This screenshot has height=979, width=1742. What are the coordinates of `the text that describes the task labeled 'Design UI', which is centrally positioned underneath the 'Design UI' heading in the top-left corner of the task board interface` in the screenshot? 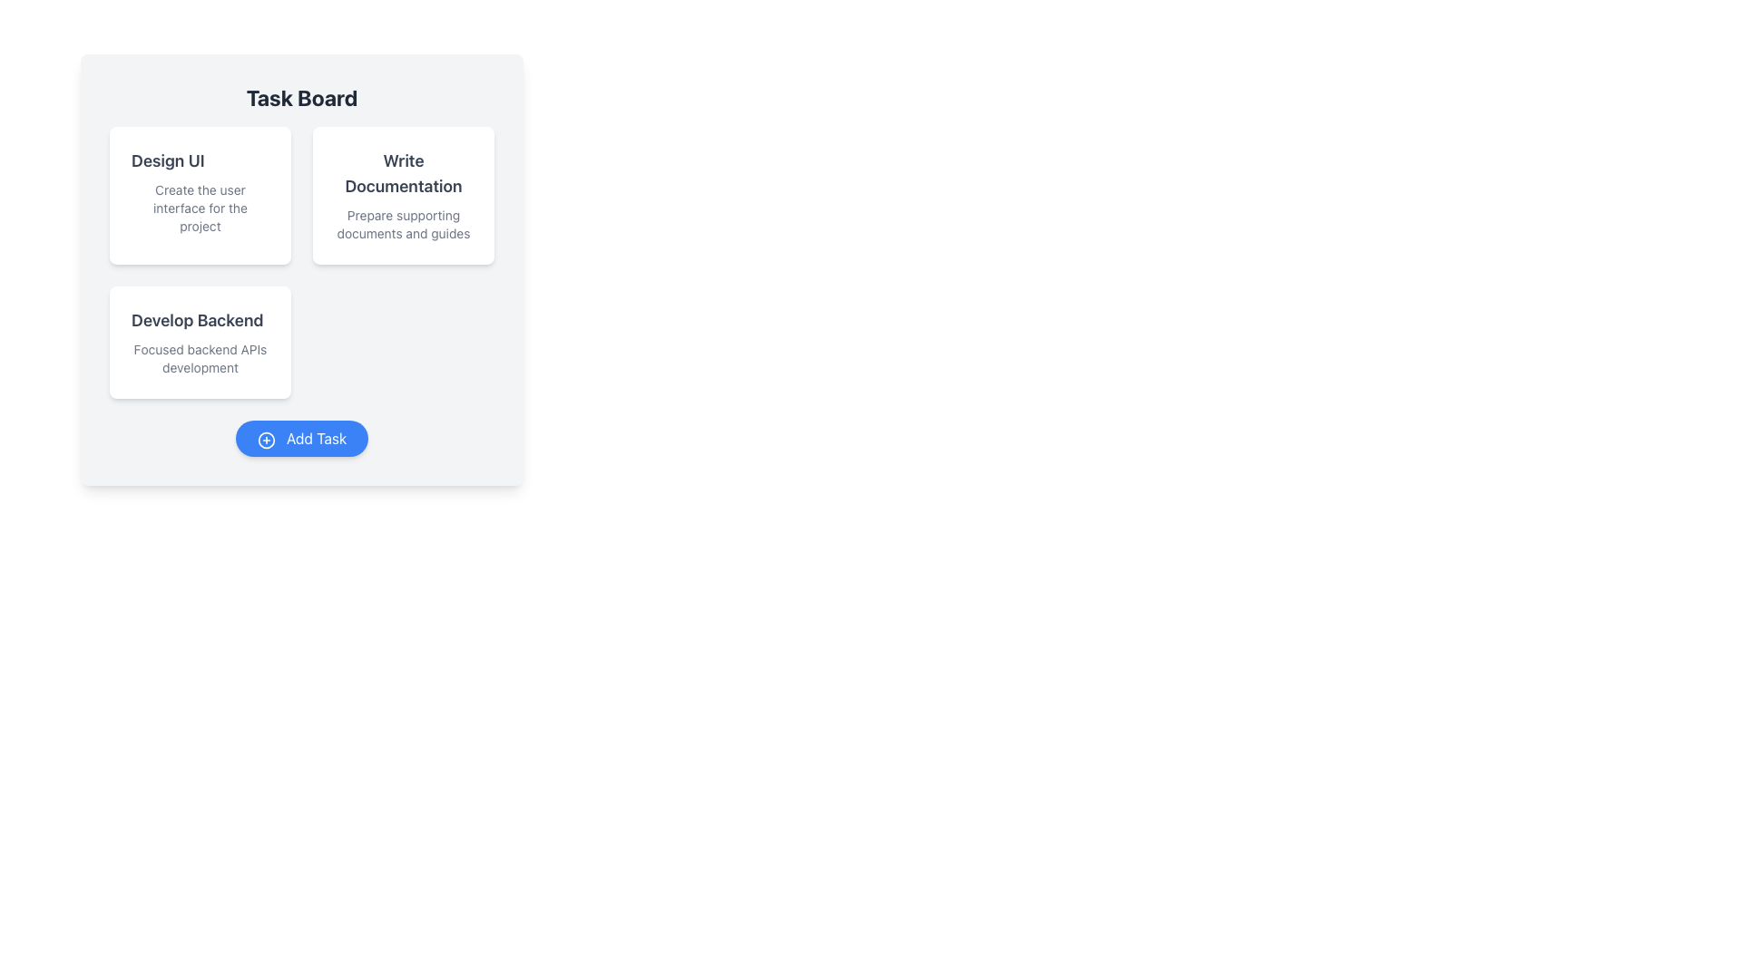 It's located at (200, 208).